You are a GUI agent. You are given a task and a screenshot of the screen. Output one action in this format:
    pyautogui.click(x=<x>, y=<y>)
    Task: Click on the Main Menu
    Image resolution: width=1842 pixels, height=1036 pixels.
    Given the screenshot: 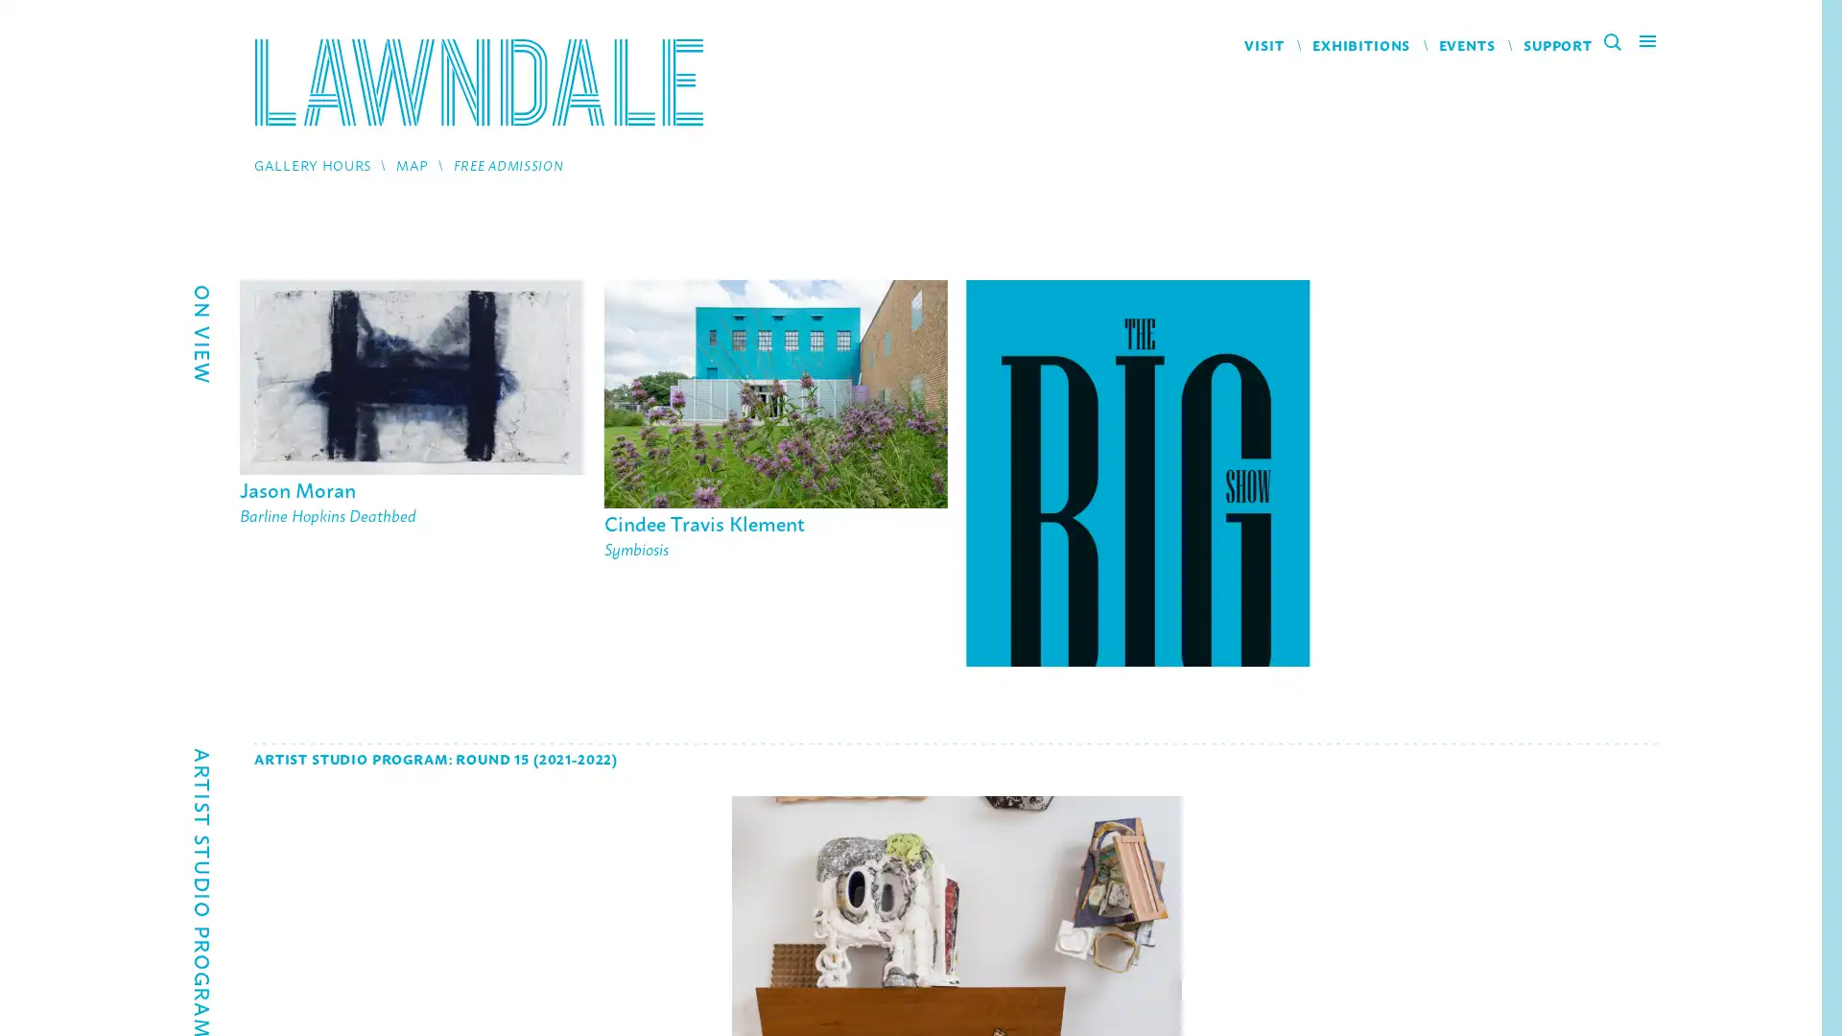 What is the action you would take?
    pyautogui.click(x=1646, y=44)
    